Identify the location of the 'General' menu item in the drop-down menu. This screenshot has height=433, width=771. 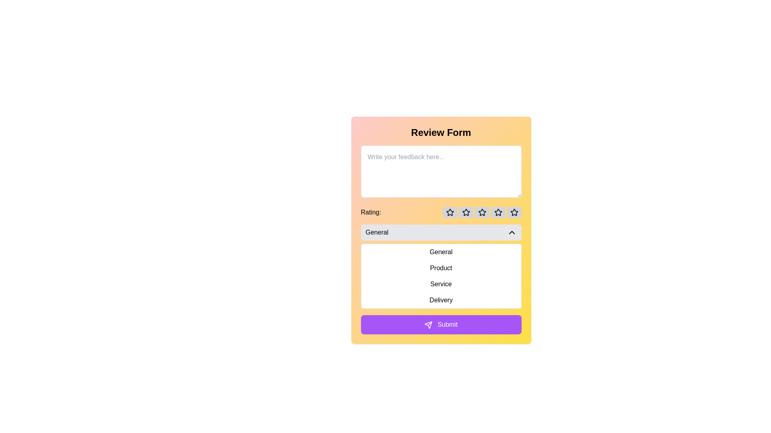
(441, 251).